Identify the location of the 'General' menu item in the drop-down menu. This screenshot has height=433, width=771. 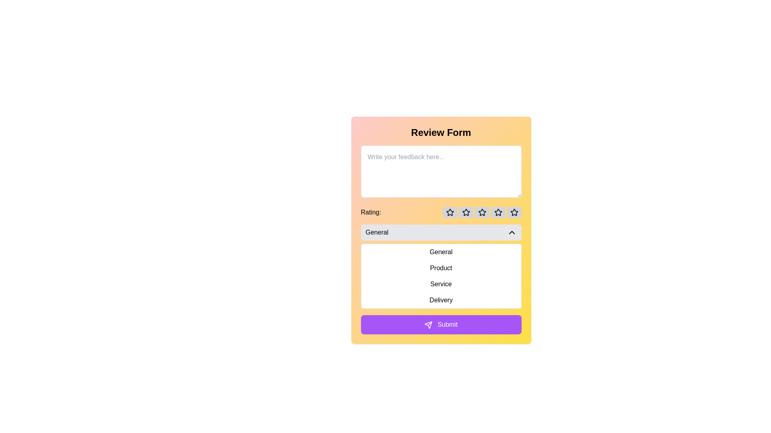
(441, 251).